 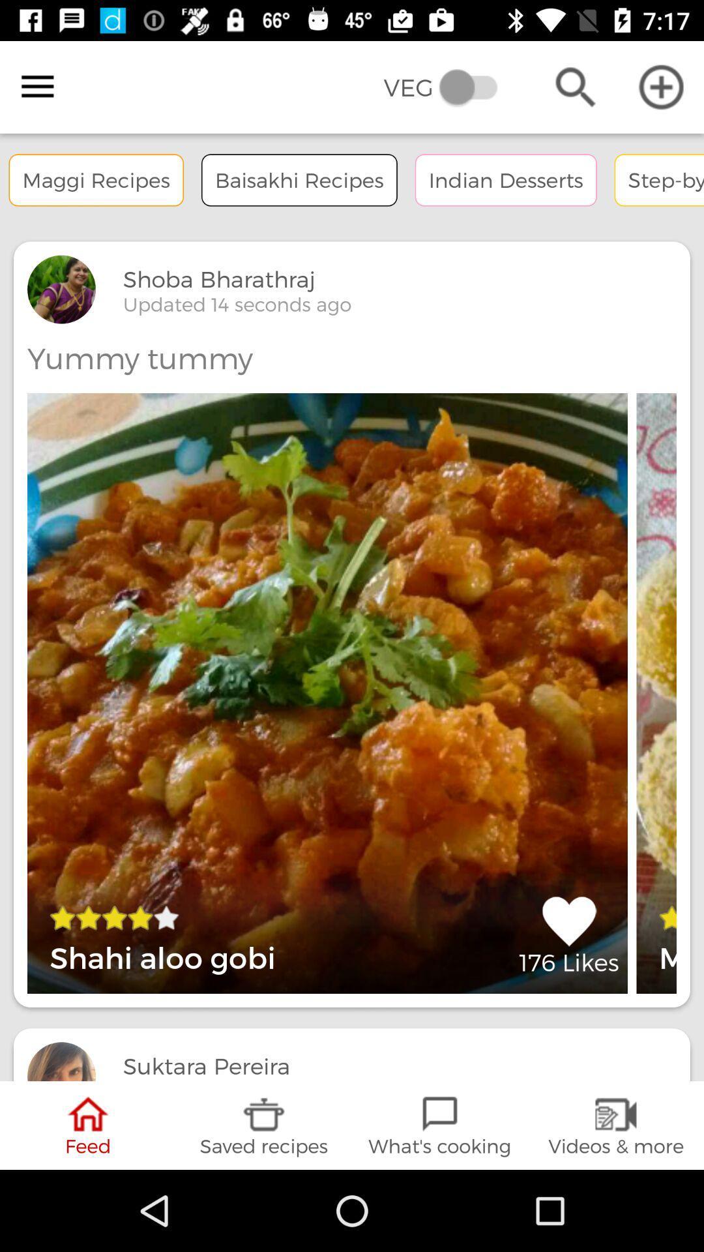 What do you see at coordinates (440, 1125) in the screenshot?
I see `the what's cooking` at bounding box center [440, 1125].